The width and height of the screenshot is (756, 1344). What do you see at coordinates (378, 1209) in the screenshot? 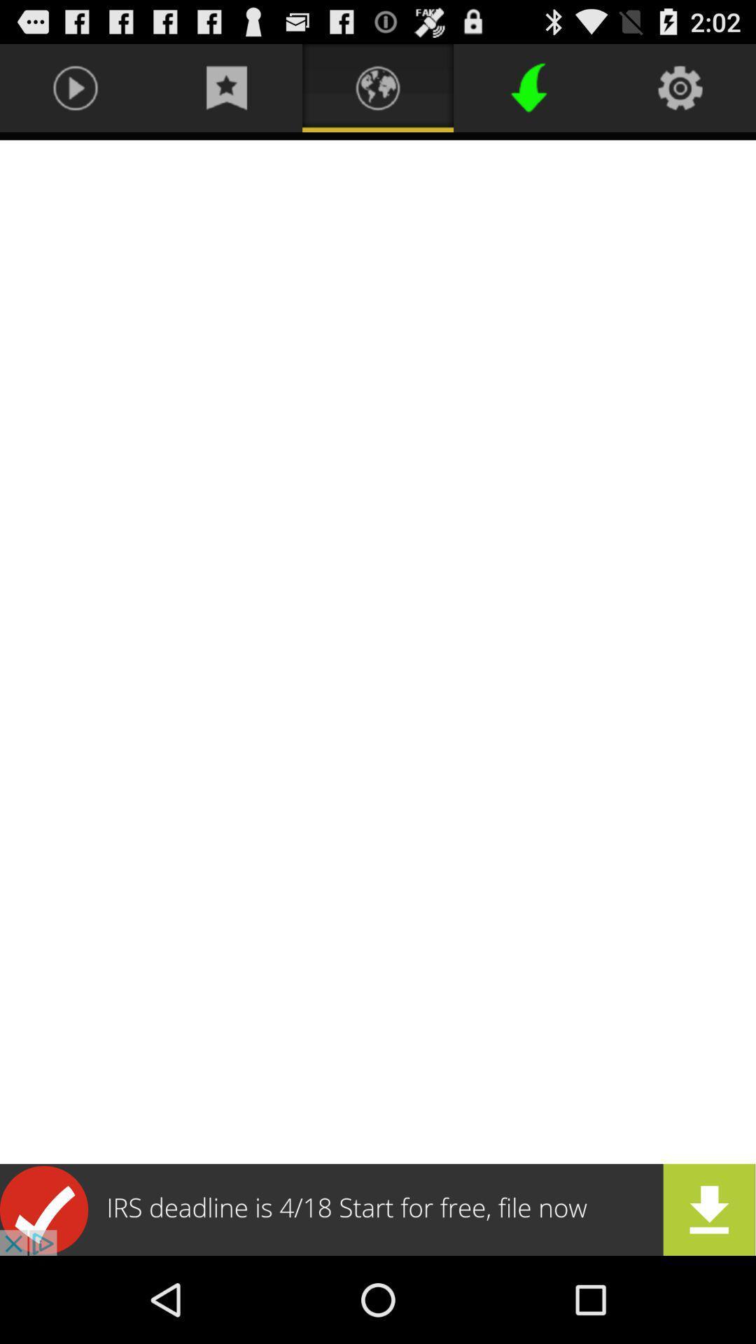
I see `click on the advertisement` at bounding box center [378, 1209].